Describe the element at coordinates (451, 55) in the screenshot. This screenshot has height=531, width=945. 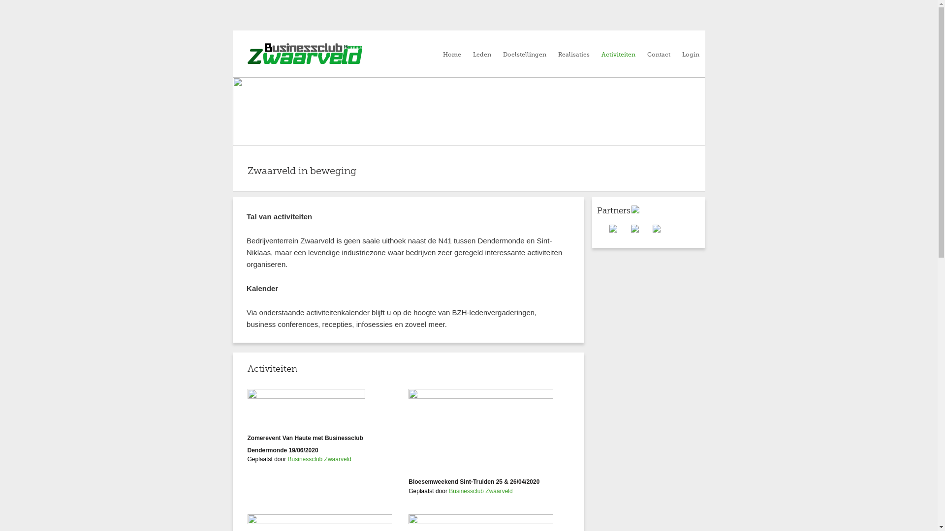
I see `'Home'` at that location.